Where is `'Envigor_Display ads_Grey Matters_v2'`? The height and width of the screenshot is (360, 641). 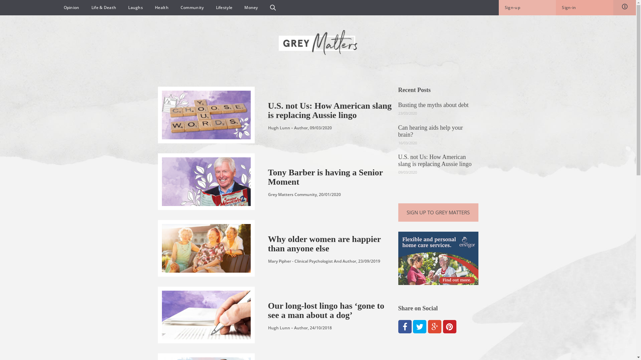 'Envigor_Display ads_Grey Matters_v2' is located at coordinates (398, 258).